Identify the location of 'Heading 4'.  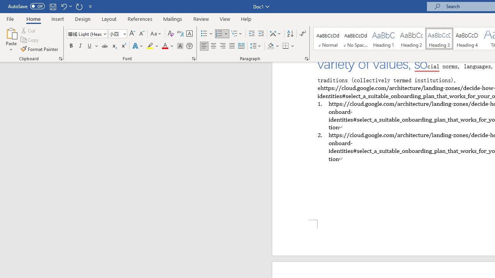
(467, 39).